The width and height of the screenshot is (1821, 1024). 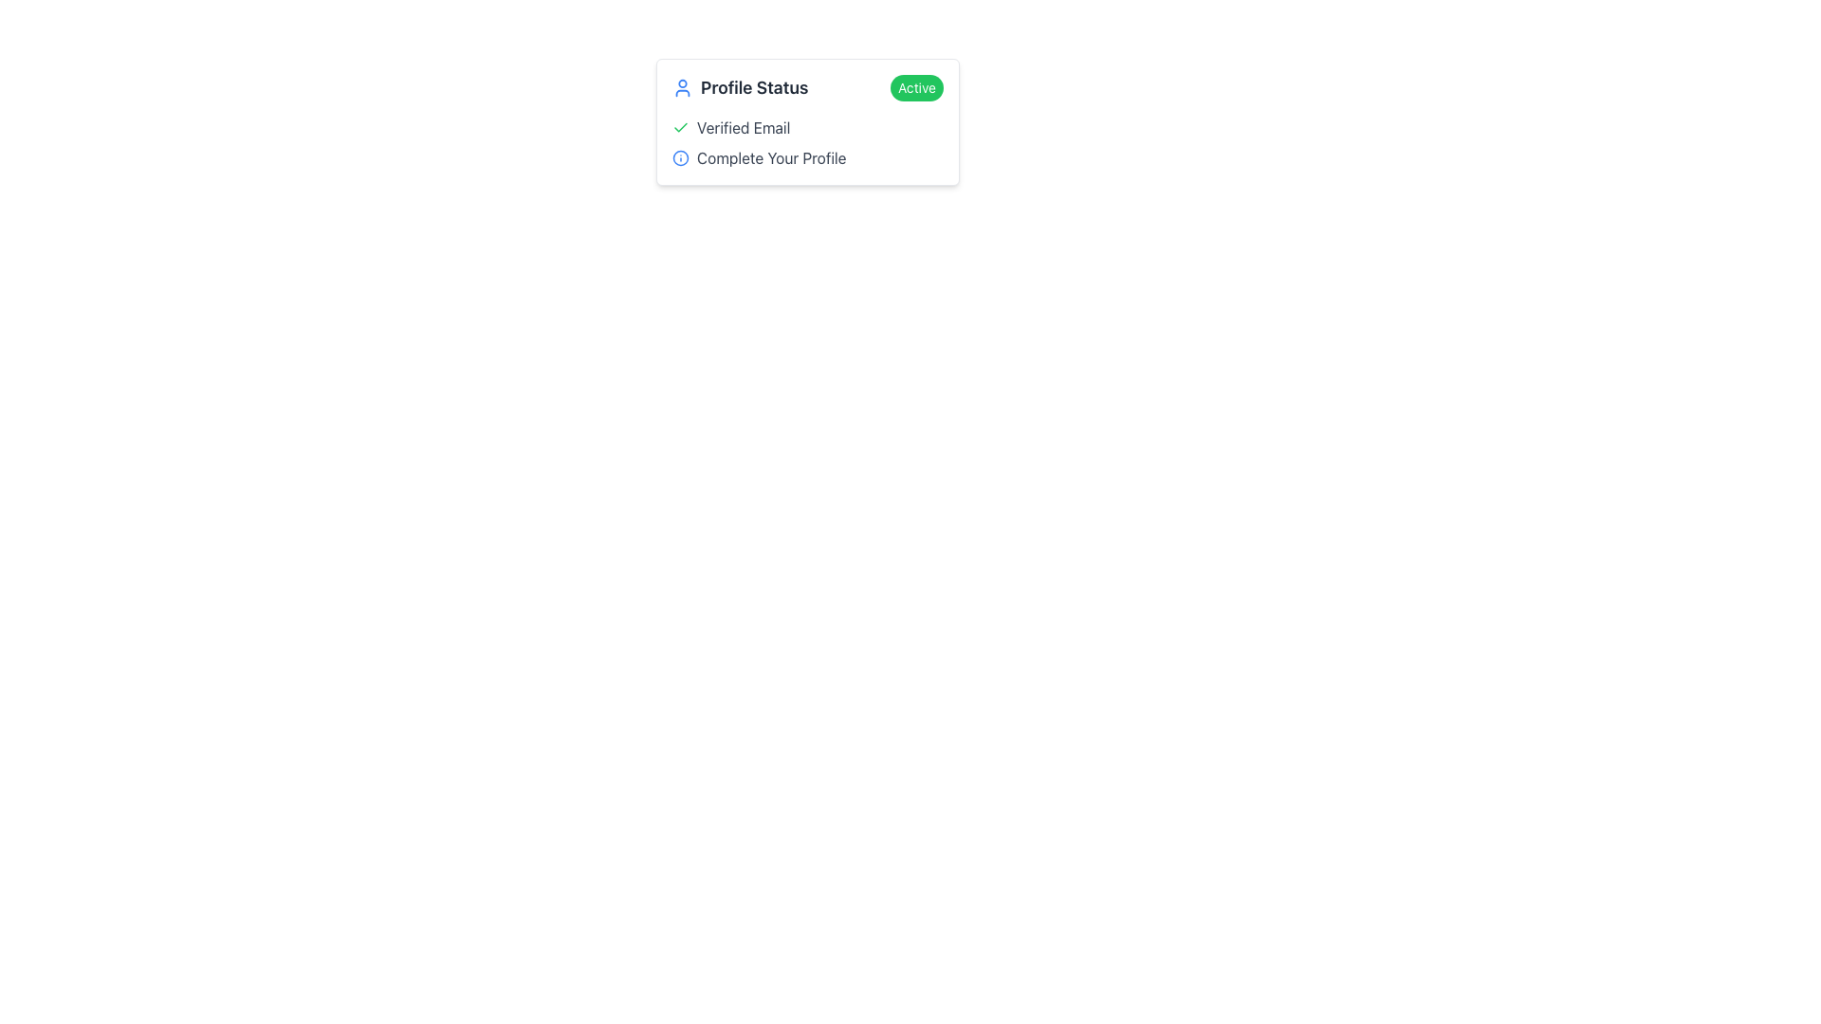 What do you see at coordinates (917, 87) in the screenshot?
I see `the 'Active' pill-shaped button with rounded edges, which is green with white text, located in the 'Profile Status' section` at bounding box center [917, 87].